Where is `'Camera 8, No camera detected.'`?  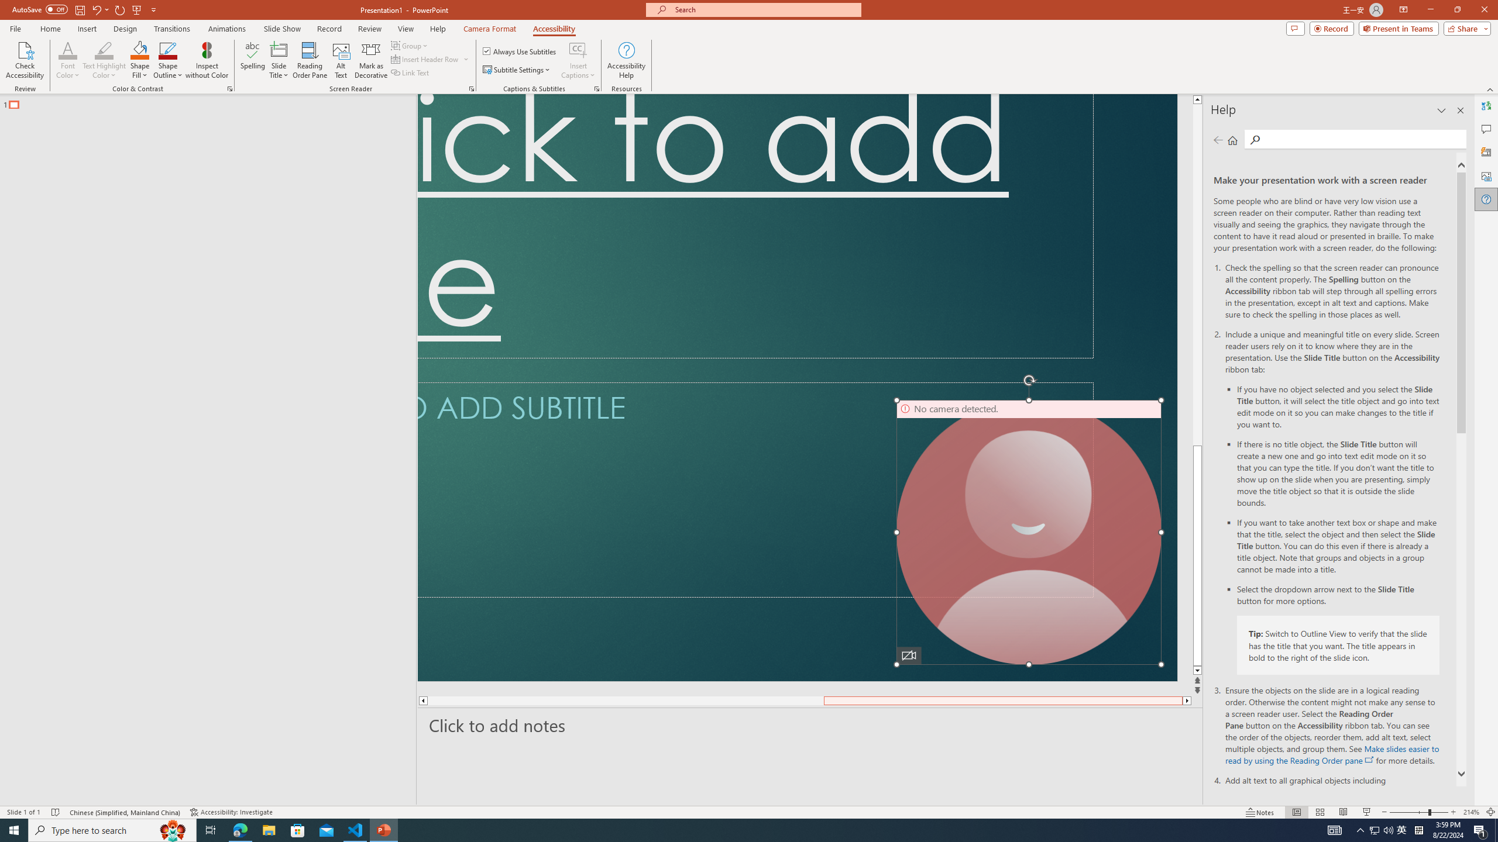 'Camera 8, No camera detected.' is located at coordinates (1028, 532).